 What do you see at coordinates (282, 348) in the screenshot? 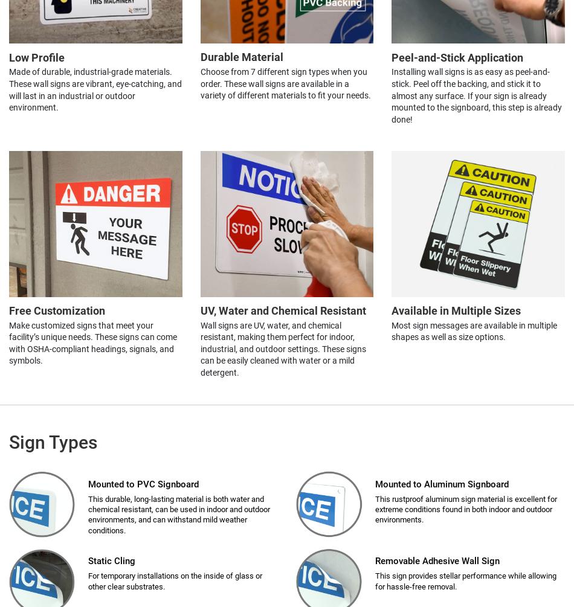
I see `'Wall signs are UV, water, and chemical resistant, making them perfect for indoor, industrial, and outdoor settings. These signs can be easily cleaned with water or a mild detergent.'` at bounding box center [282, 348].